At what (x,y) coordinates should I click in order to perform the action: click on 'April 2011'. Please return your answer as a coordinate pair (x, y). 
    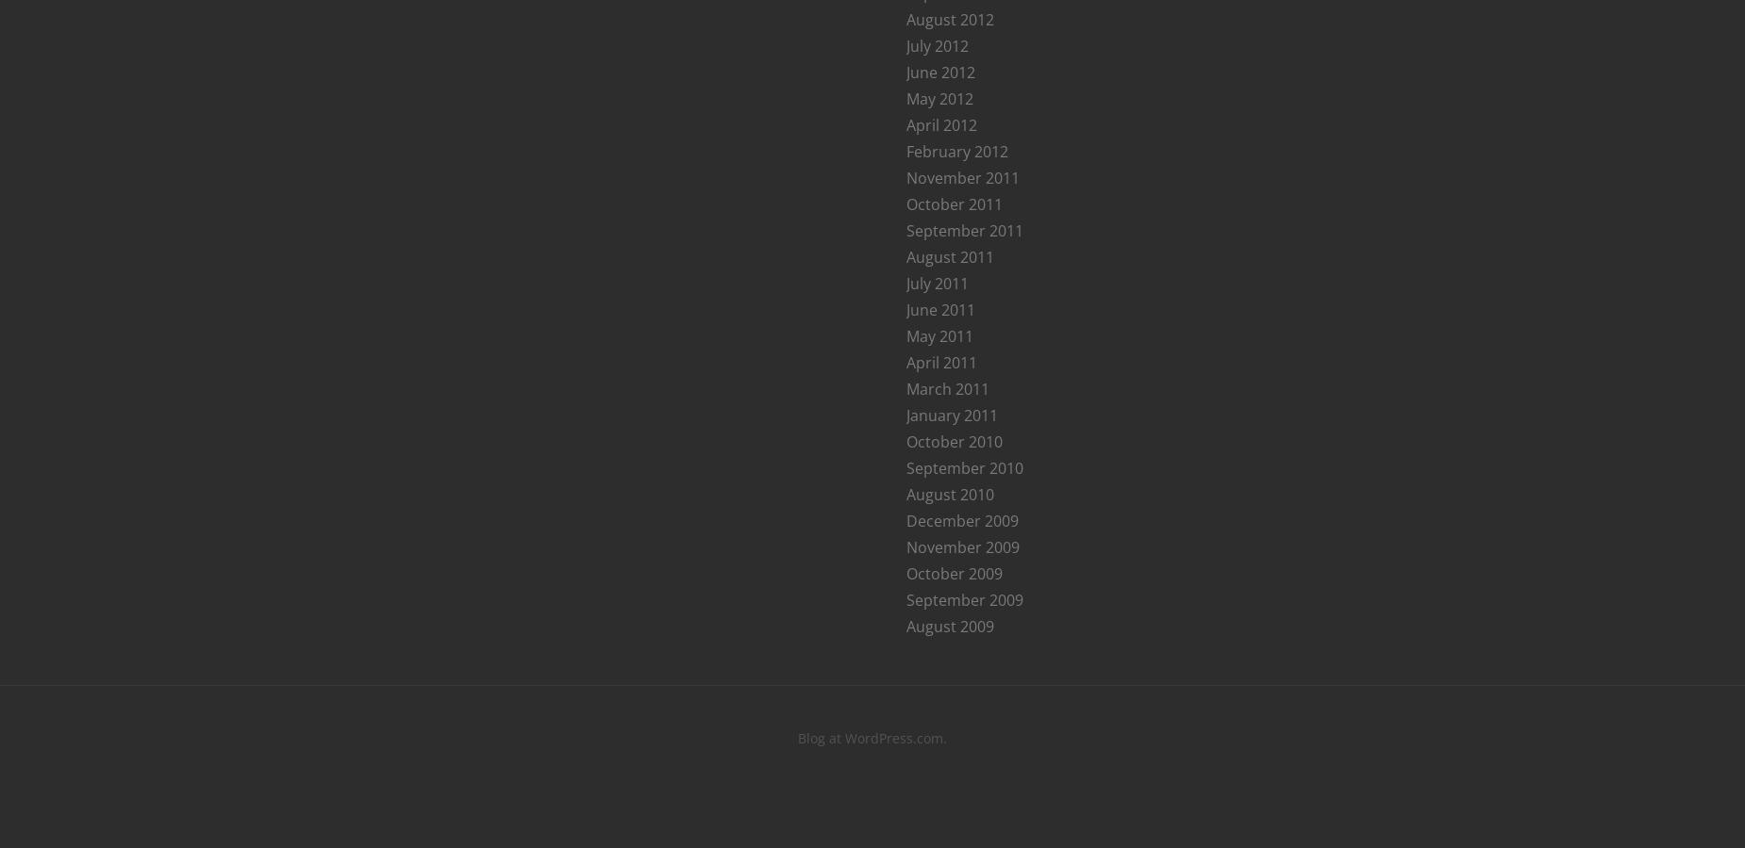
    Looking at the image, I should click on (906, 362).